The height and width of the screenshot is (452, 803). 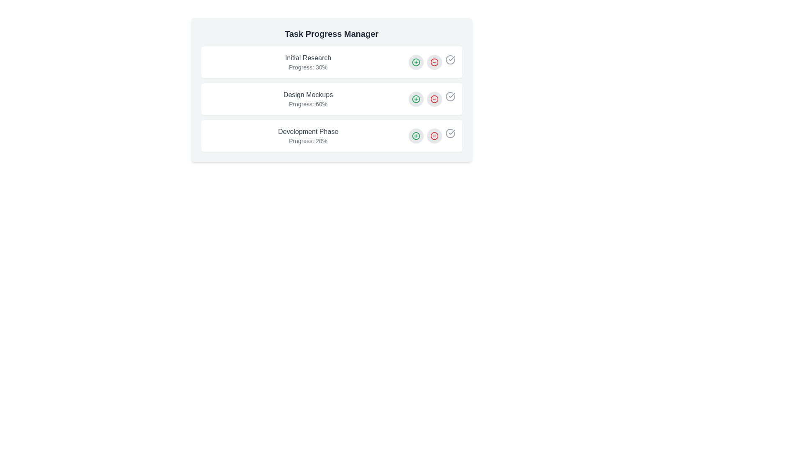 I want to click on the circular button with a red minus icon located in the top row of the task list interface, which is positioned between a green plus button and a gray checkmark button, so click(x=434, y=62).